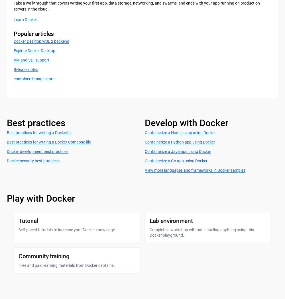 Image resolution: width=285 pixels, height=299 pixels. What do you see at coordinates (34, 78) in the screenshot?
I see `'containerd image store'` at bounding box center [34, 78].